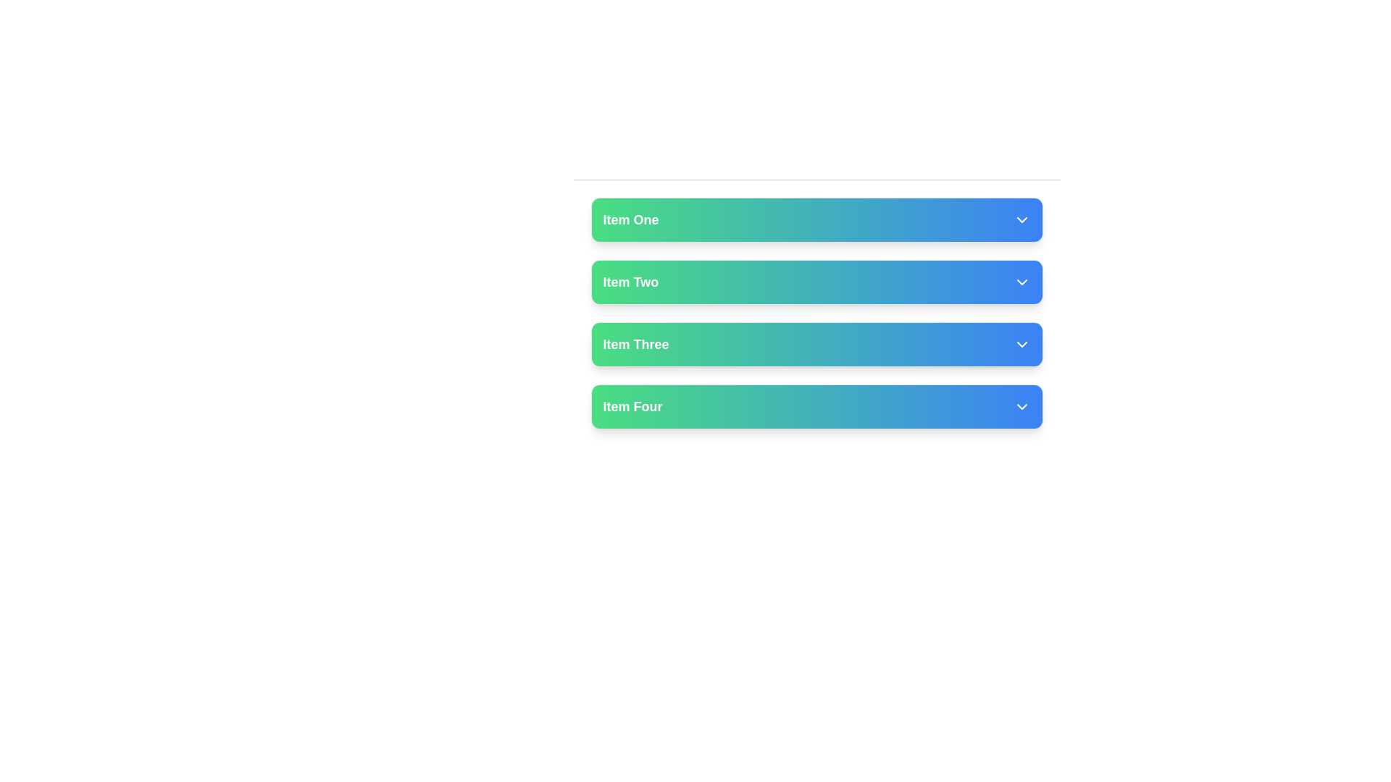 This screenshot has height=782, width=1391. Describe the element at coordinates (1021, 282) in the screenshot. I see `the Toggle icon located at the far right end of the second bar labeled 'Item Two'` at that location.